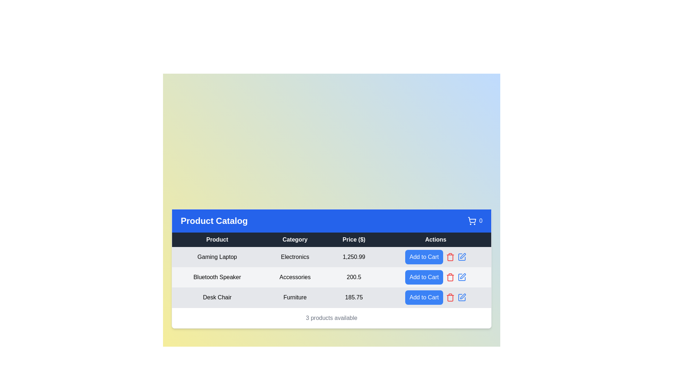 The width and height of the screenshot is (694, 390). What do you see at coordinates (217, 256) in the screenshot?
I see `the 'Gaming Laptop' text label in the first column of the product catalog table, which serves as an identifier for the item` at bounding box center [217, 256].